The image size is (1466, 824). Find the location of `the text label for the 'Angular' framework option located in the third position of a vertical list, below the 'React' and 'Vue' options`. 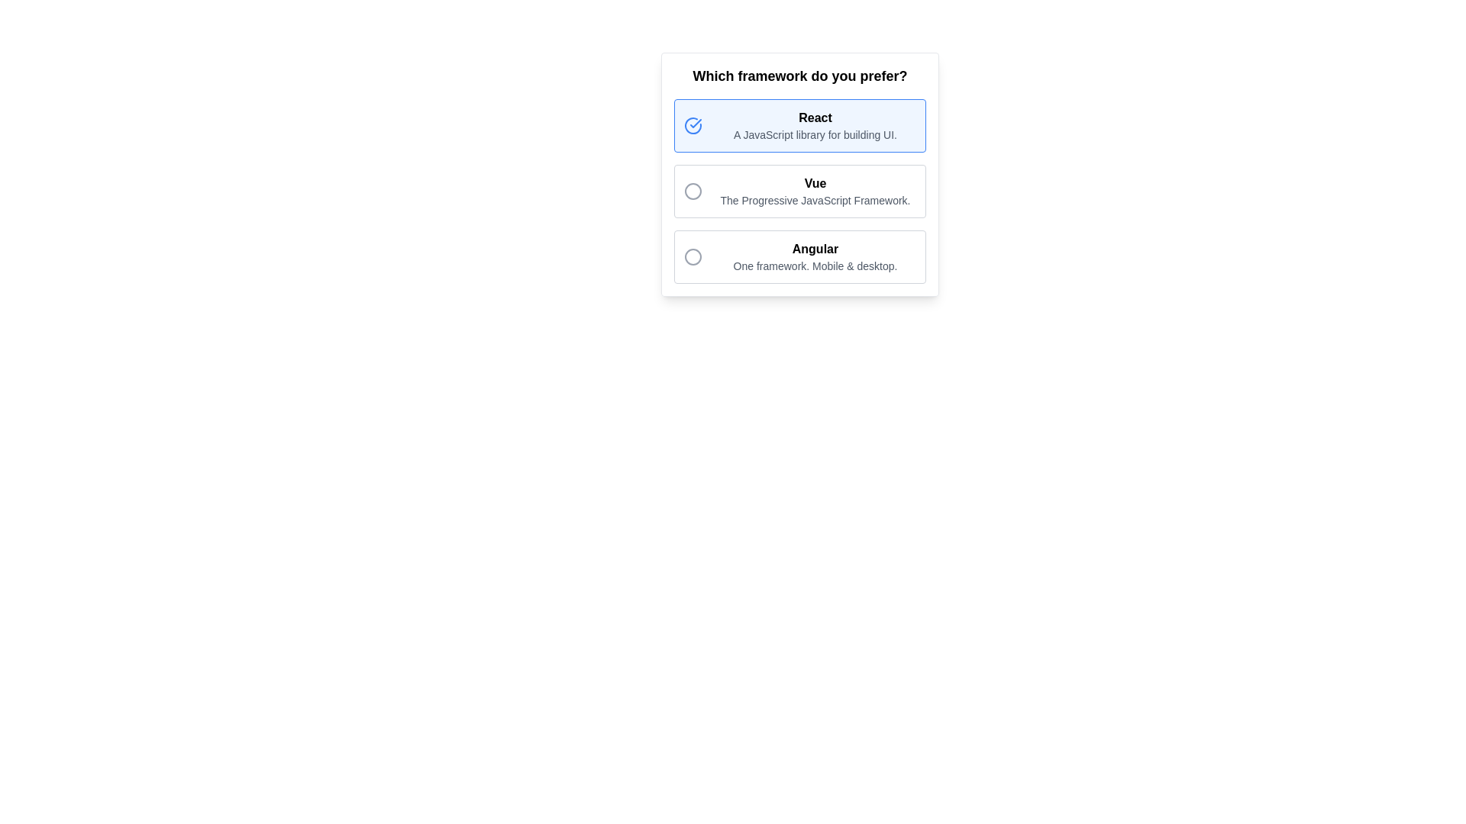

the text label for the 'Angular' framework option located in the third position of a vertical list, below the 'React' and 'Vue' options is located at coordinates (815, 256).